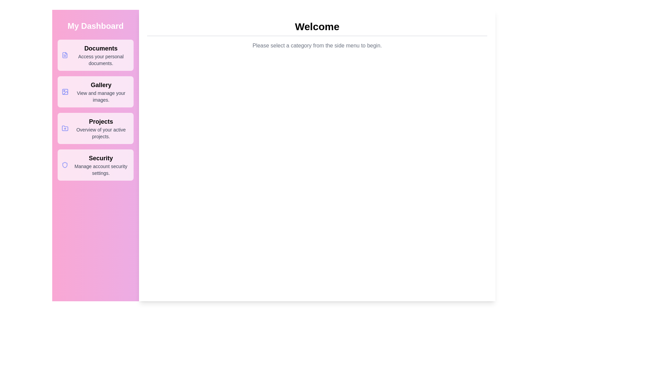 The height and width of the screenshot is (366, 651). I want to click on the menu item labeled Gallery to view its hover state, so click(95, 91).